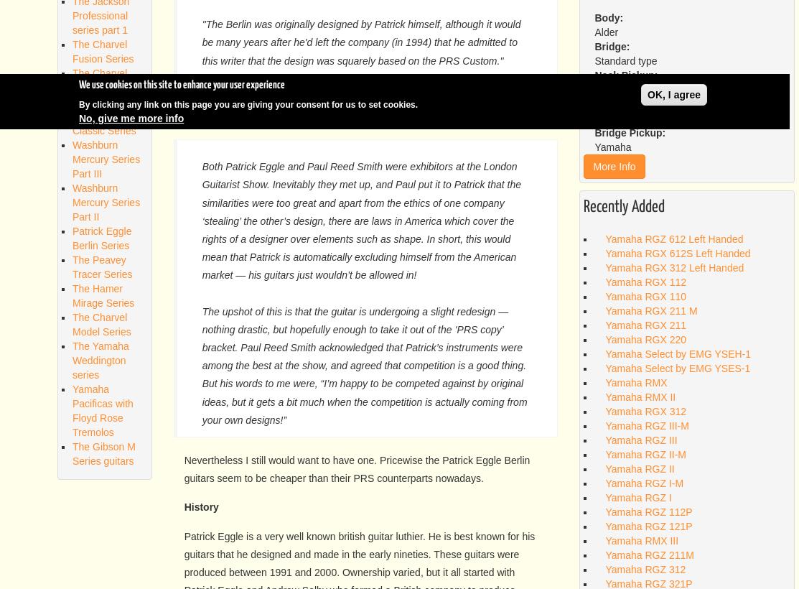  I want to click on 'Patrick Eggle Berlin Series', so click(101, 237).